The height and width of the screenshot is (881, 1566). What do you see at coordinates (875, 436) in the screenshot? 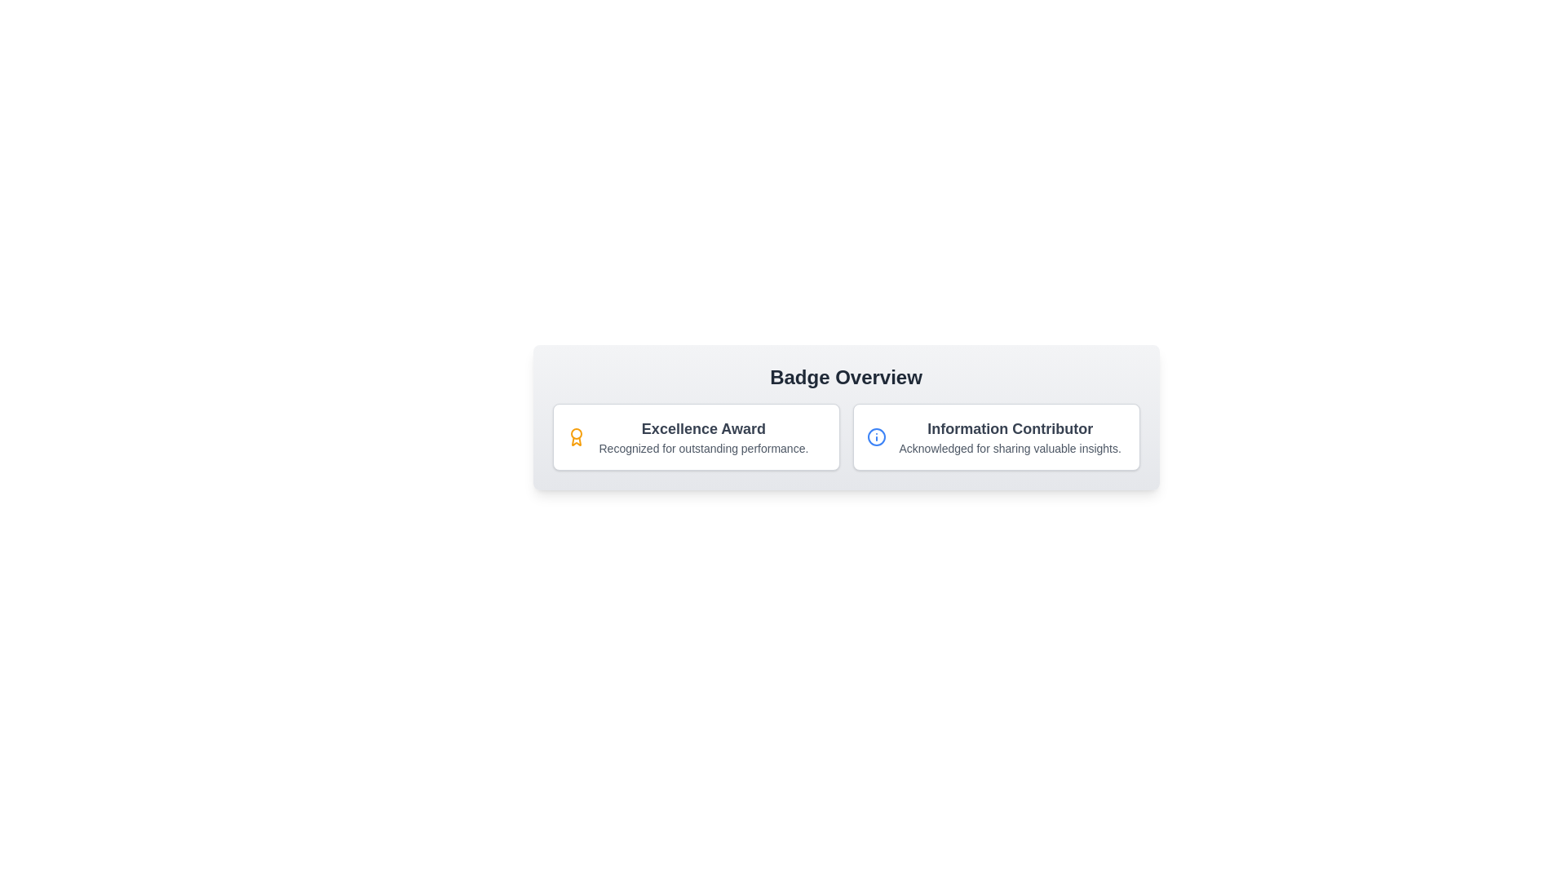
I see `the 'Information Contributor' badge icon located to the left of the badge text in the badge overview section` at bounding box center [875, 436].